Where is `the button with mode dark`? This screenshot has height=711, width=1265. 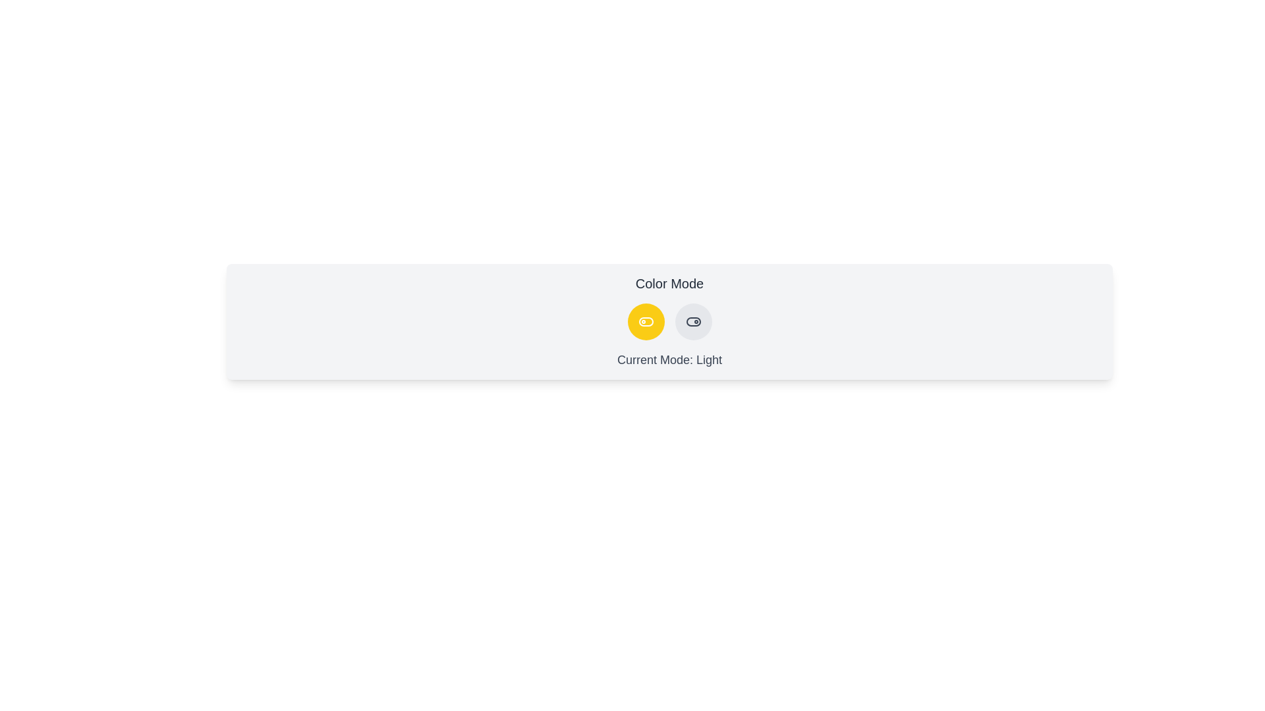
the button with mode dark is located at coordinates (692, 322).